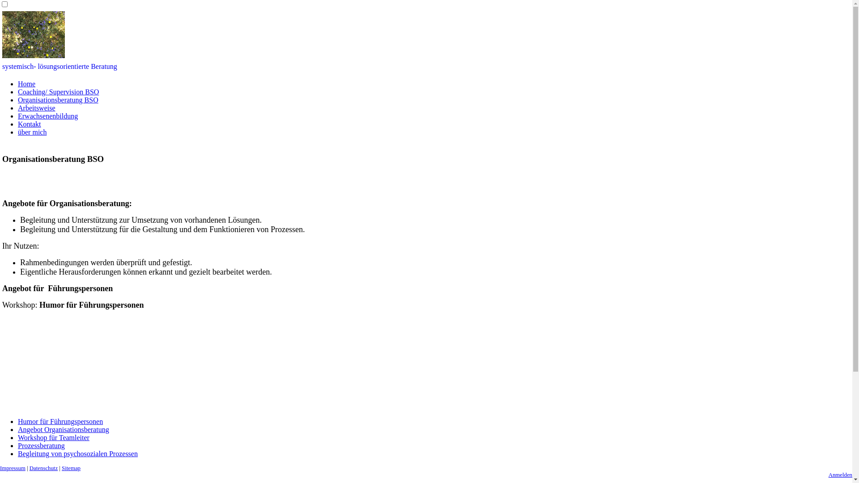 Image resolution: width=859 pixels, height=483 pixels. What do you see at coordinates (58, 92) in the screenshot?
I see `'Coaching/ Supervision BSO'` at bounding box center [58, 92].